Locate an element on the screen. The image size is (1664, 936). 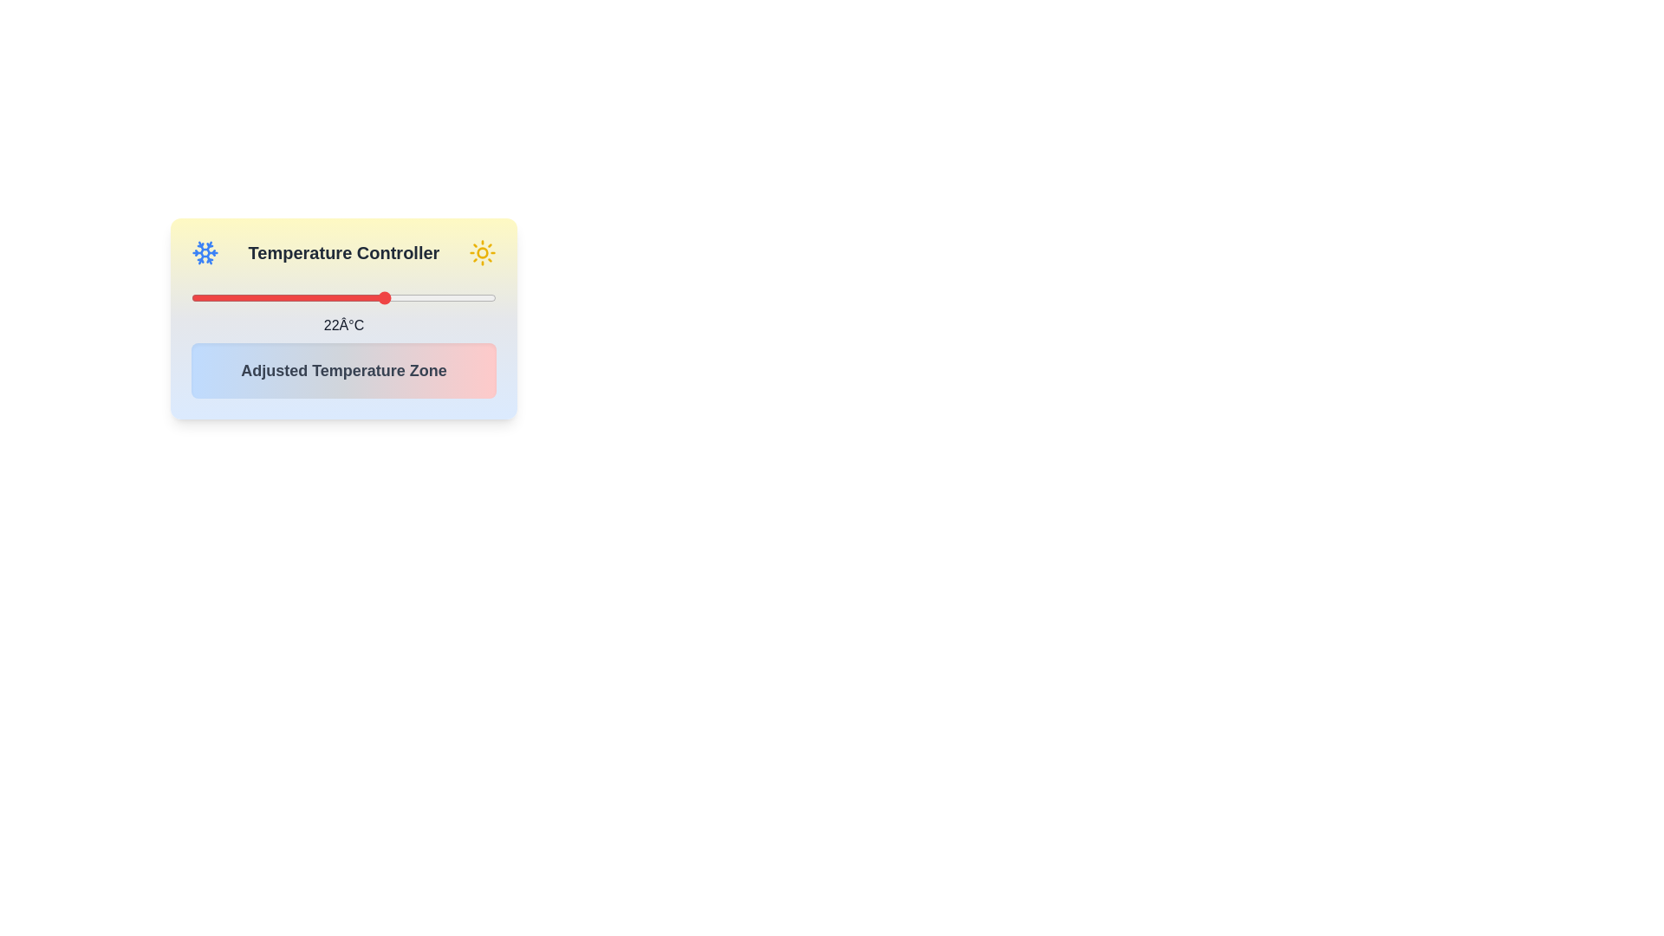
the Informational panel located below the slider with the '22°C' label in the 'Temperature Controller' card is located at coordinates (344, 340).